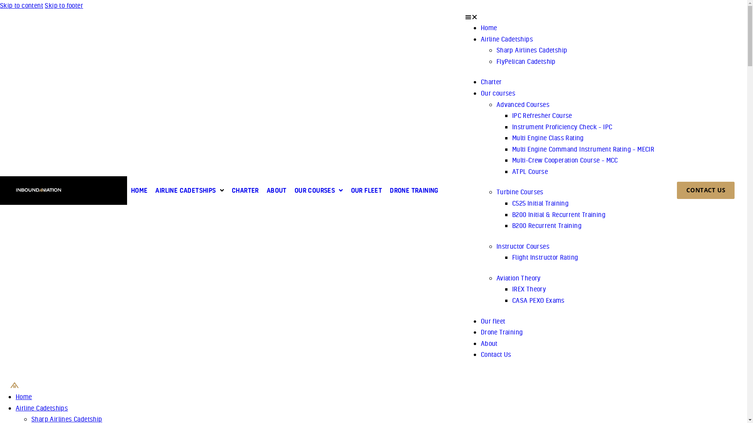 The image size is (753, 423). I want to click on 'Flight Instructor Rating', so click(545, 257).